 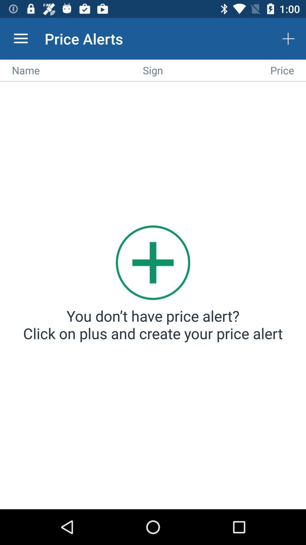 What do you see at coordinates (153, 296) in the screenshot?
I see `alert` at bounding box center [153, 296].